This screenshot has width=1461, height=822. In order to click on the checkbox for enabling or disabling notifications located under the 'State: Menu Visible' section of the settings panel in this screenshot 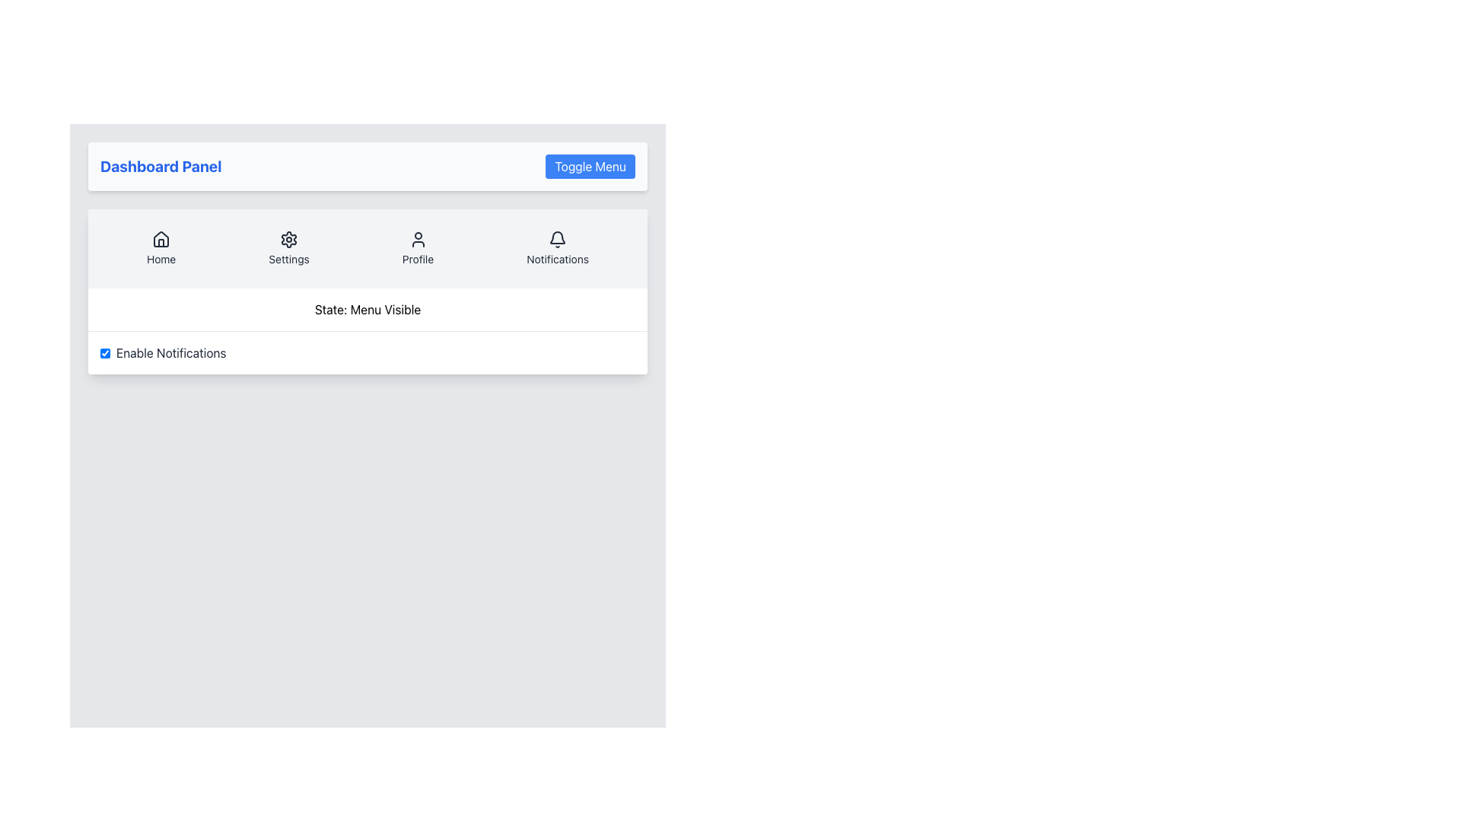, I will do `click(368, 352)`.